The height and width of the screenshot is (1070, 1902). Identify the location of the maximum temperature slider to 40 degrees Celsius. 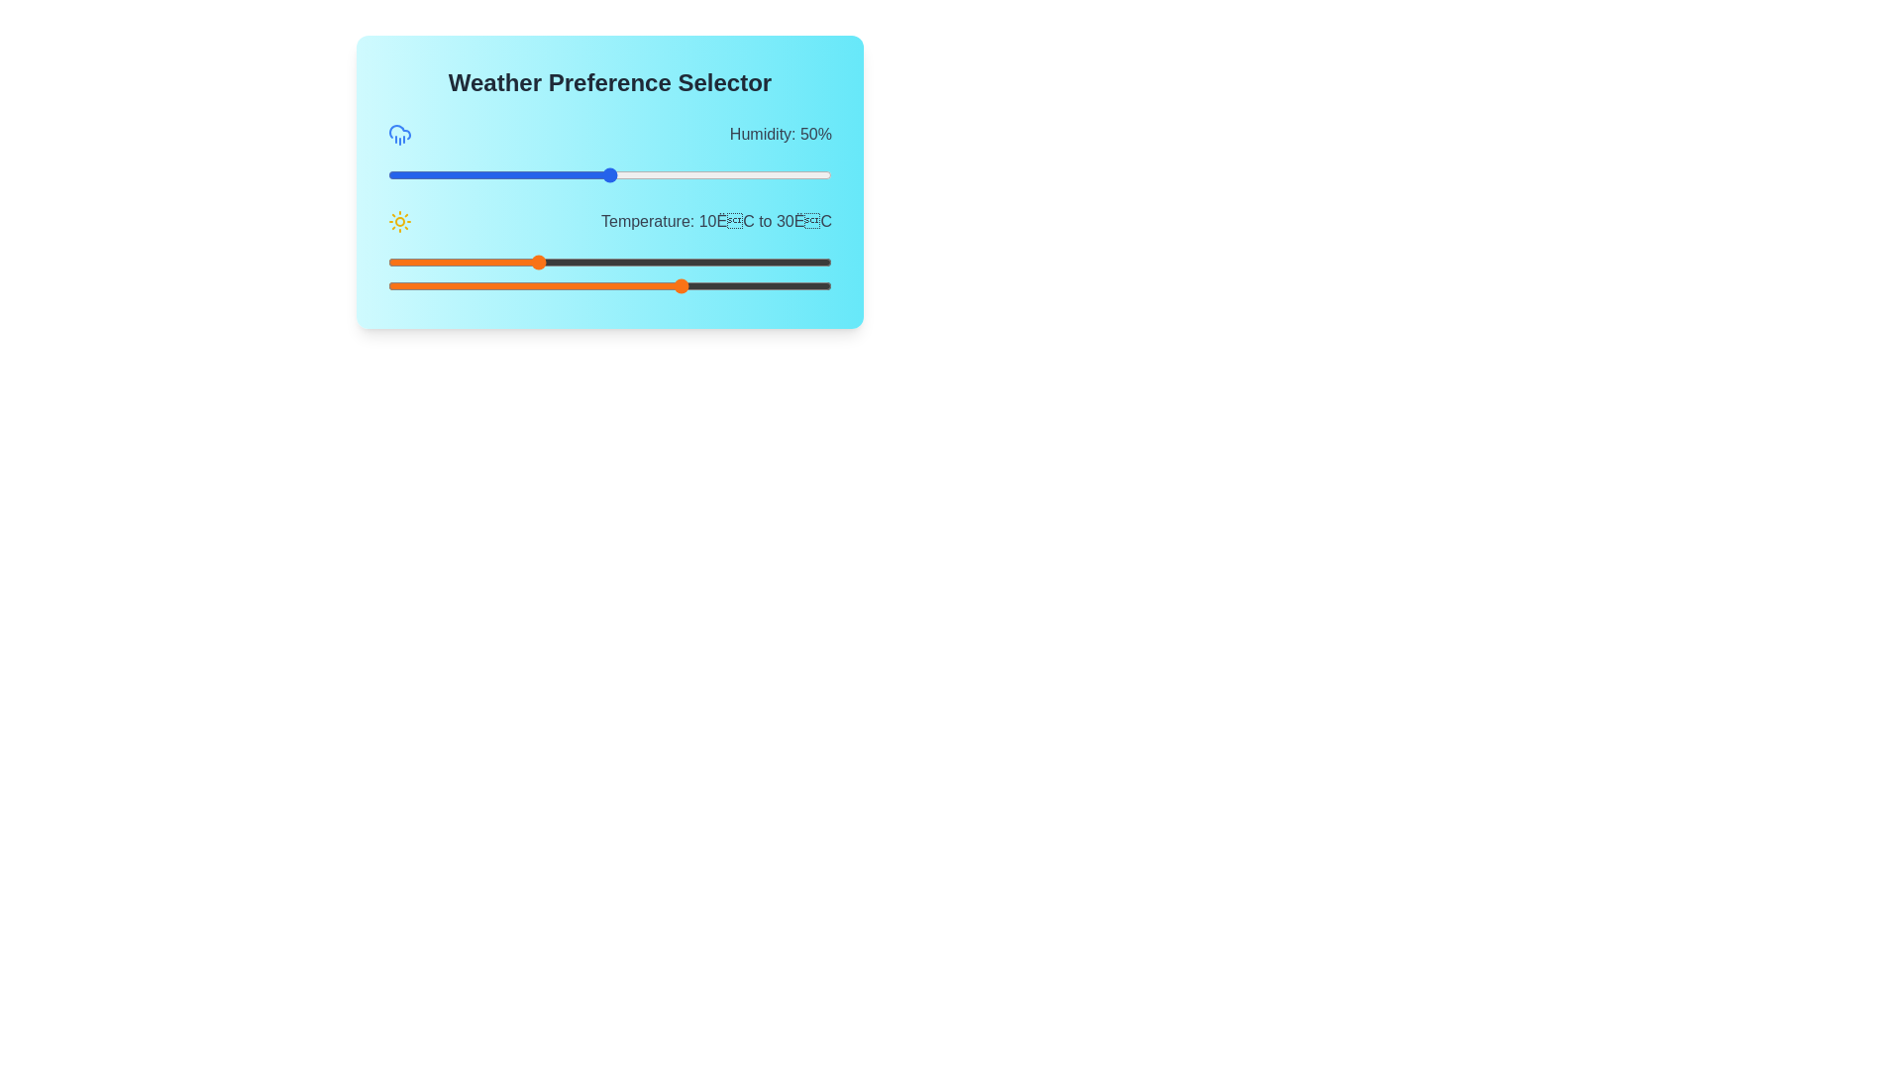
(757, 286).